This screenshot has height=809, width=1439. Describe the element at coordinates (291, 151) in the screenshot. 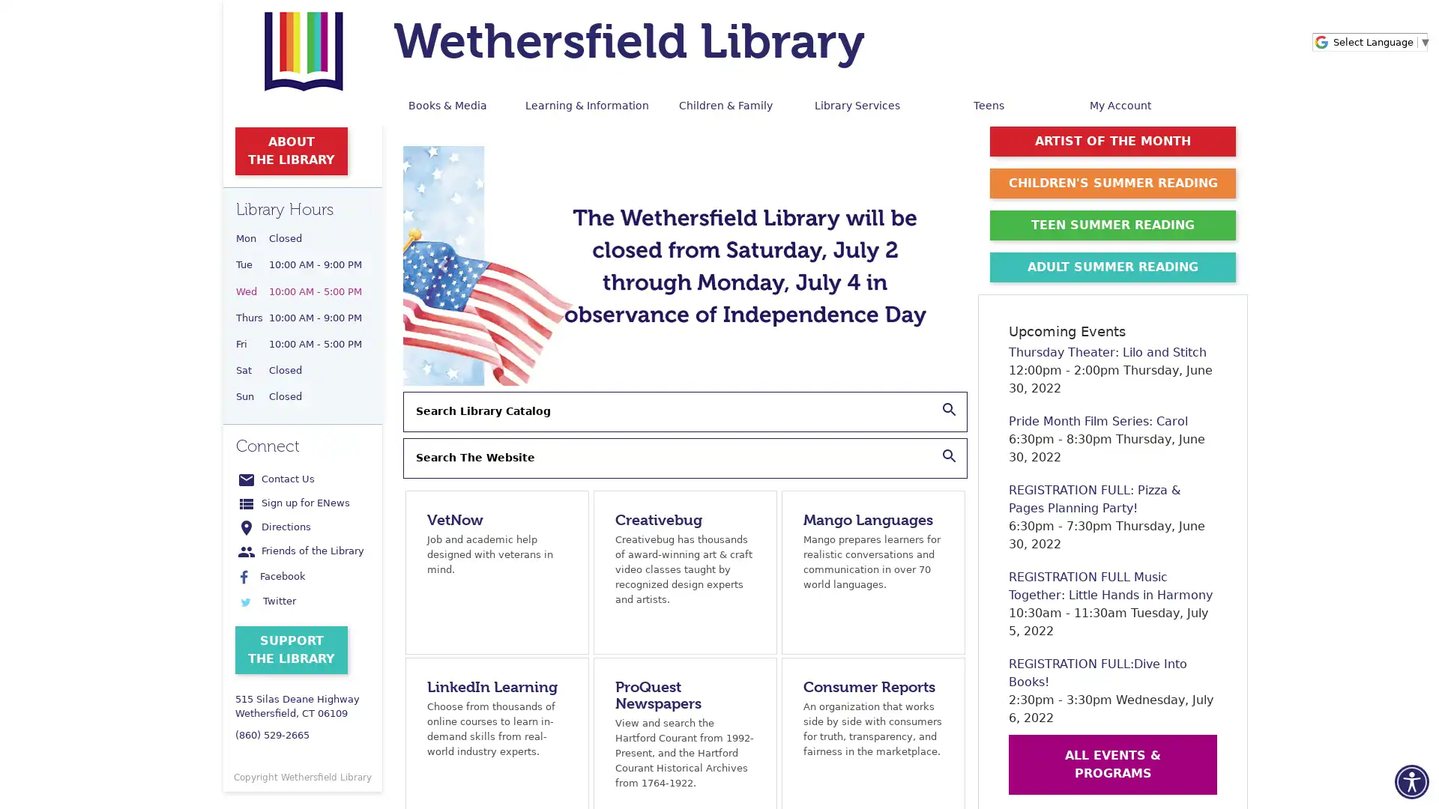

I see `ABOUT THE LIBRARY` at that location.